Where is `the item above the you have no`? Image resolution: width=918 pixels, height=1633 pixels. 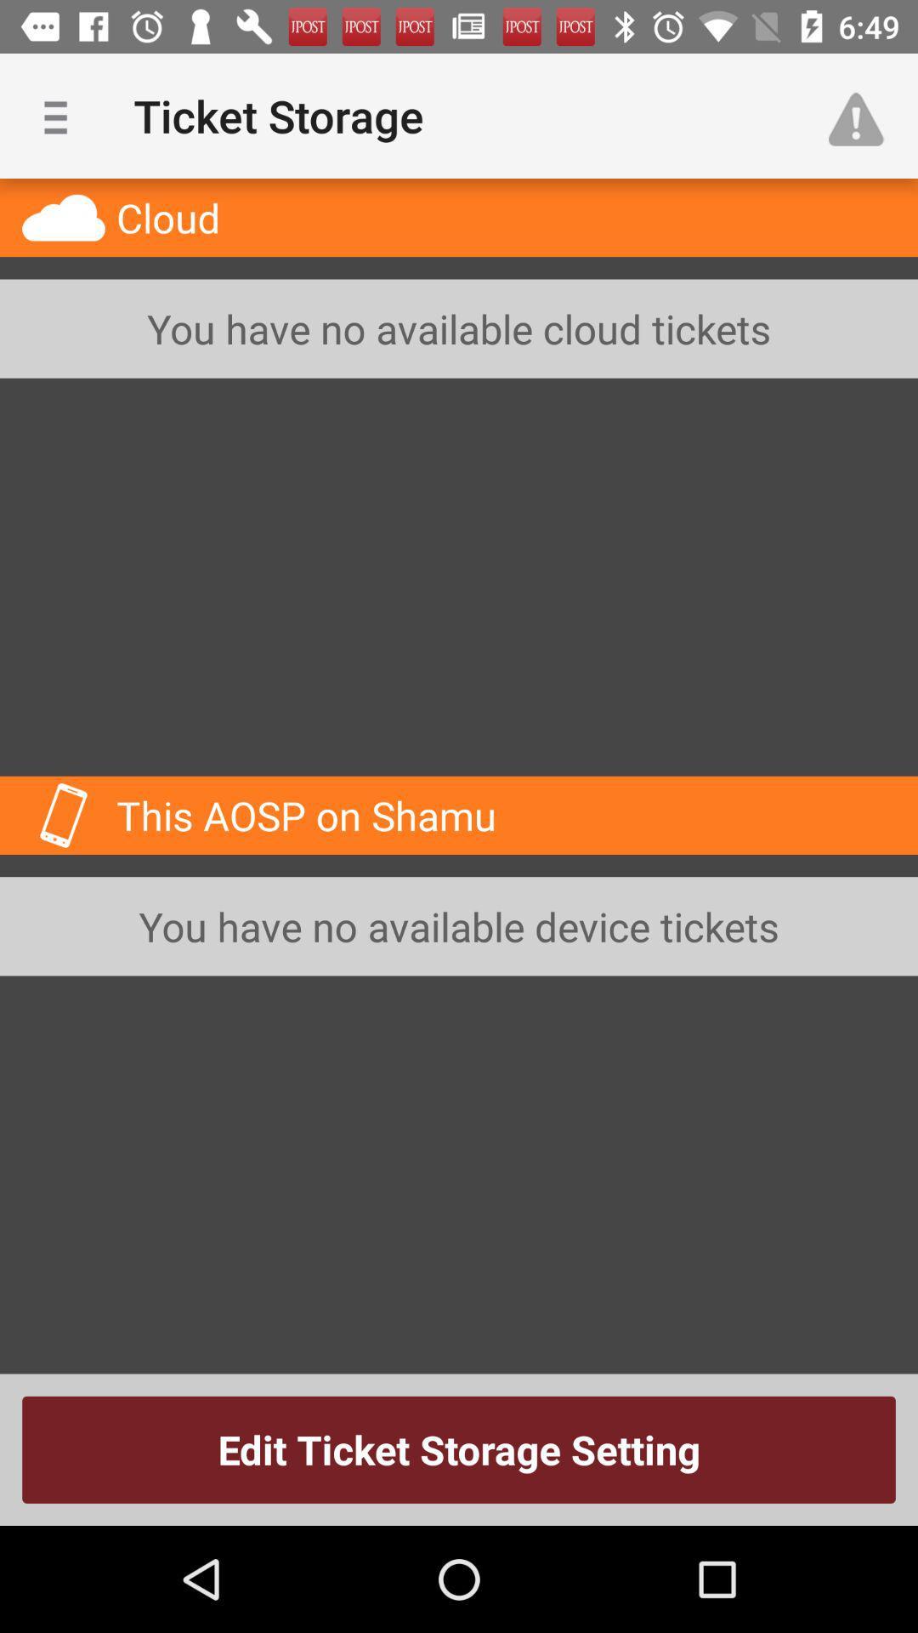
the item above the you have no is located at coordinates (864, 115).